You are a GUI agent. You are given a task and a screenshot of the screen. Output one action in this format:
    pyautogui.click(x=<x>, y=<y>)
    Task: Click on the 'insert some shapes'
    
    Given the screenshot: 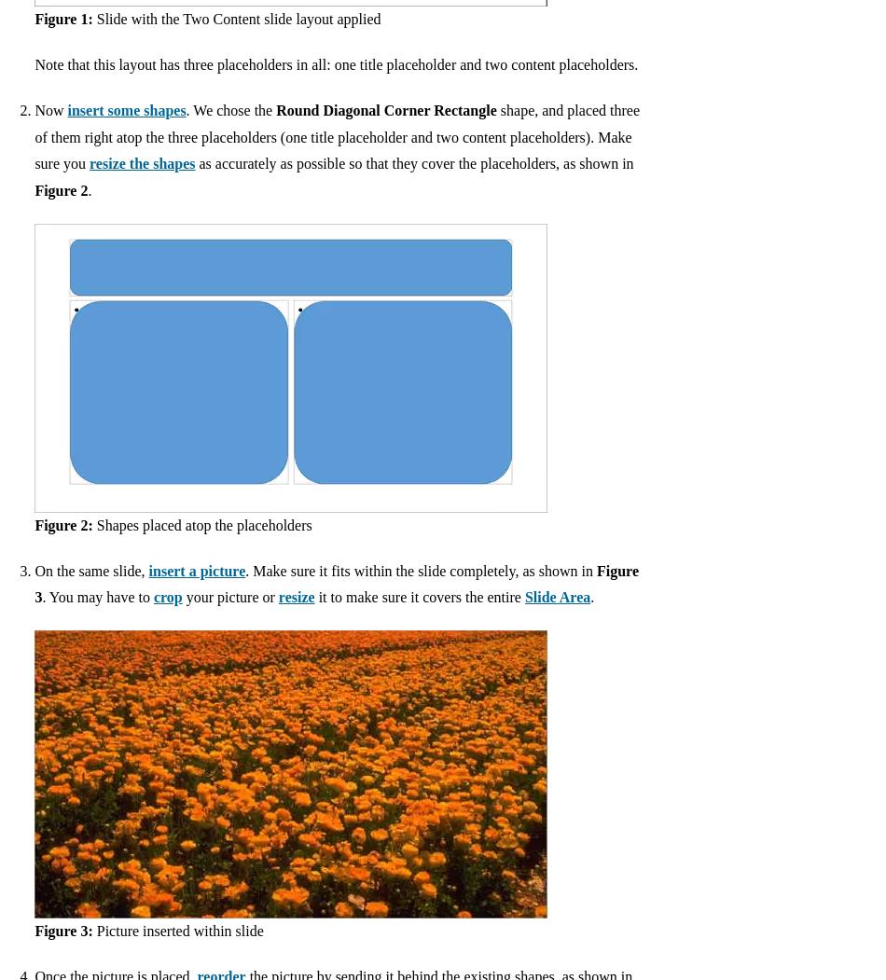 What is the action you would take?
    pyautogui.click(x=126, y=109)
    